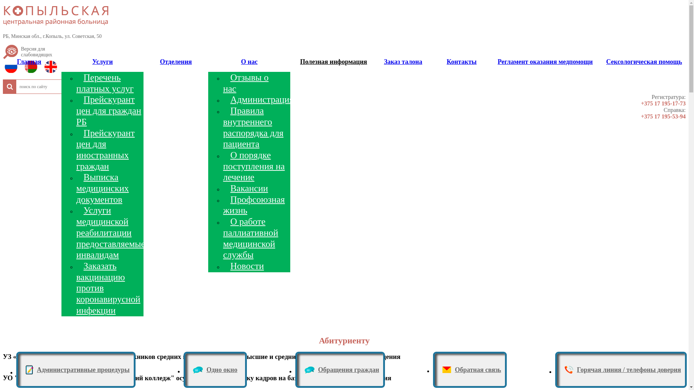  What do you see at coordinates (44, 69) in the screenshot?
I see `'English'` at bounding box center [44, 69].